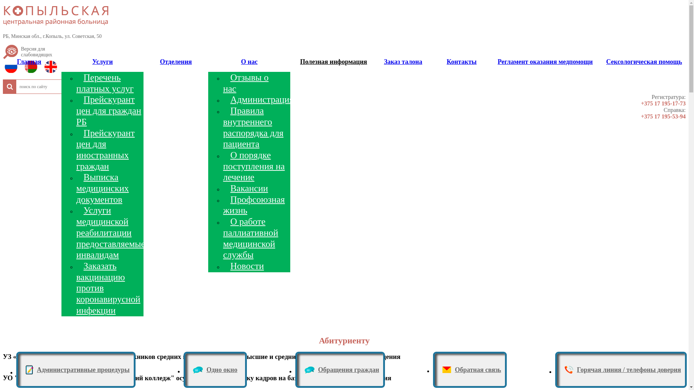  What do you see at coordinates (44, 69) in the screenshot?
I see `'English'` at bounding box center [44, 69].